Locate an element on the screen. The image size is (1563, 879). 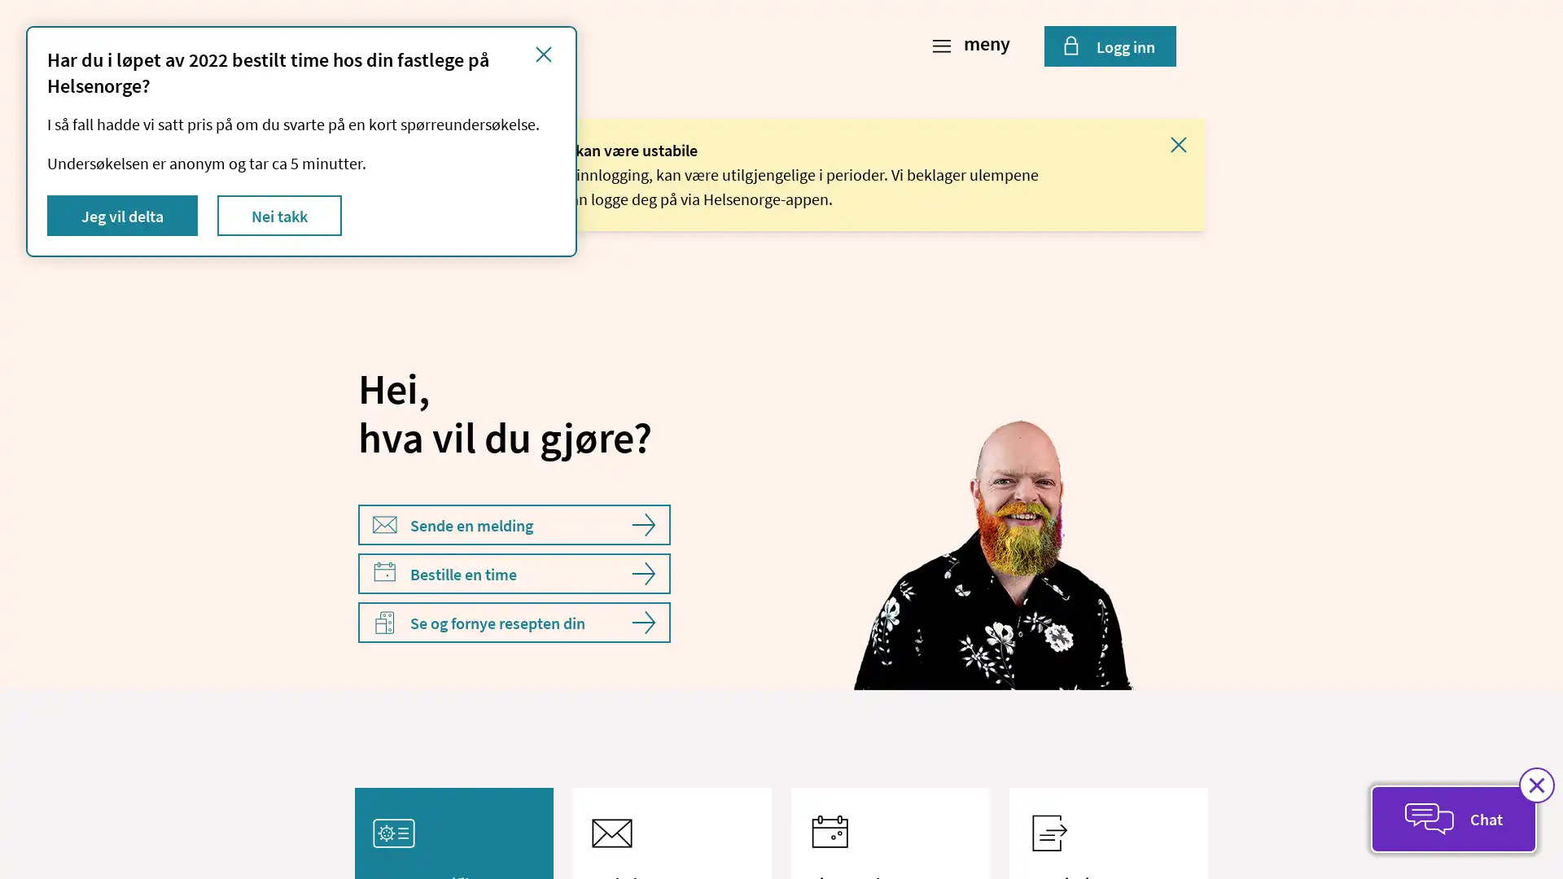
Bestille en time is located at coordinates (514, 573).